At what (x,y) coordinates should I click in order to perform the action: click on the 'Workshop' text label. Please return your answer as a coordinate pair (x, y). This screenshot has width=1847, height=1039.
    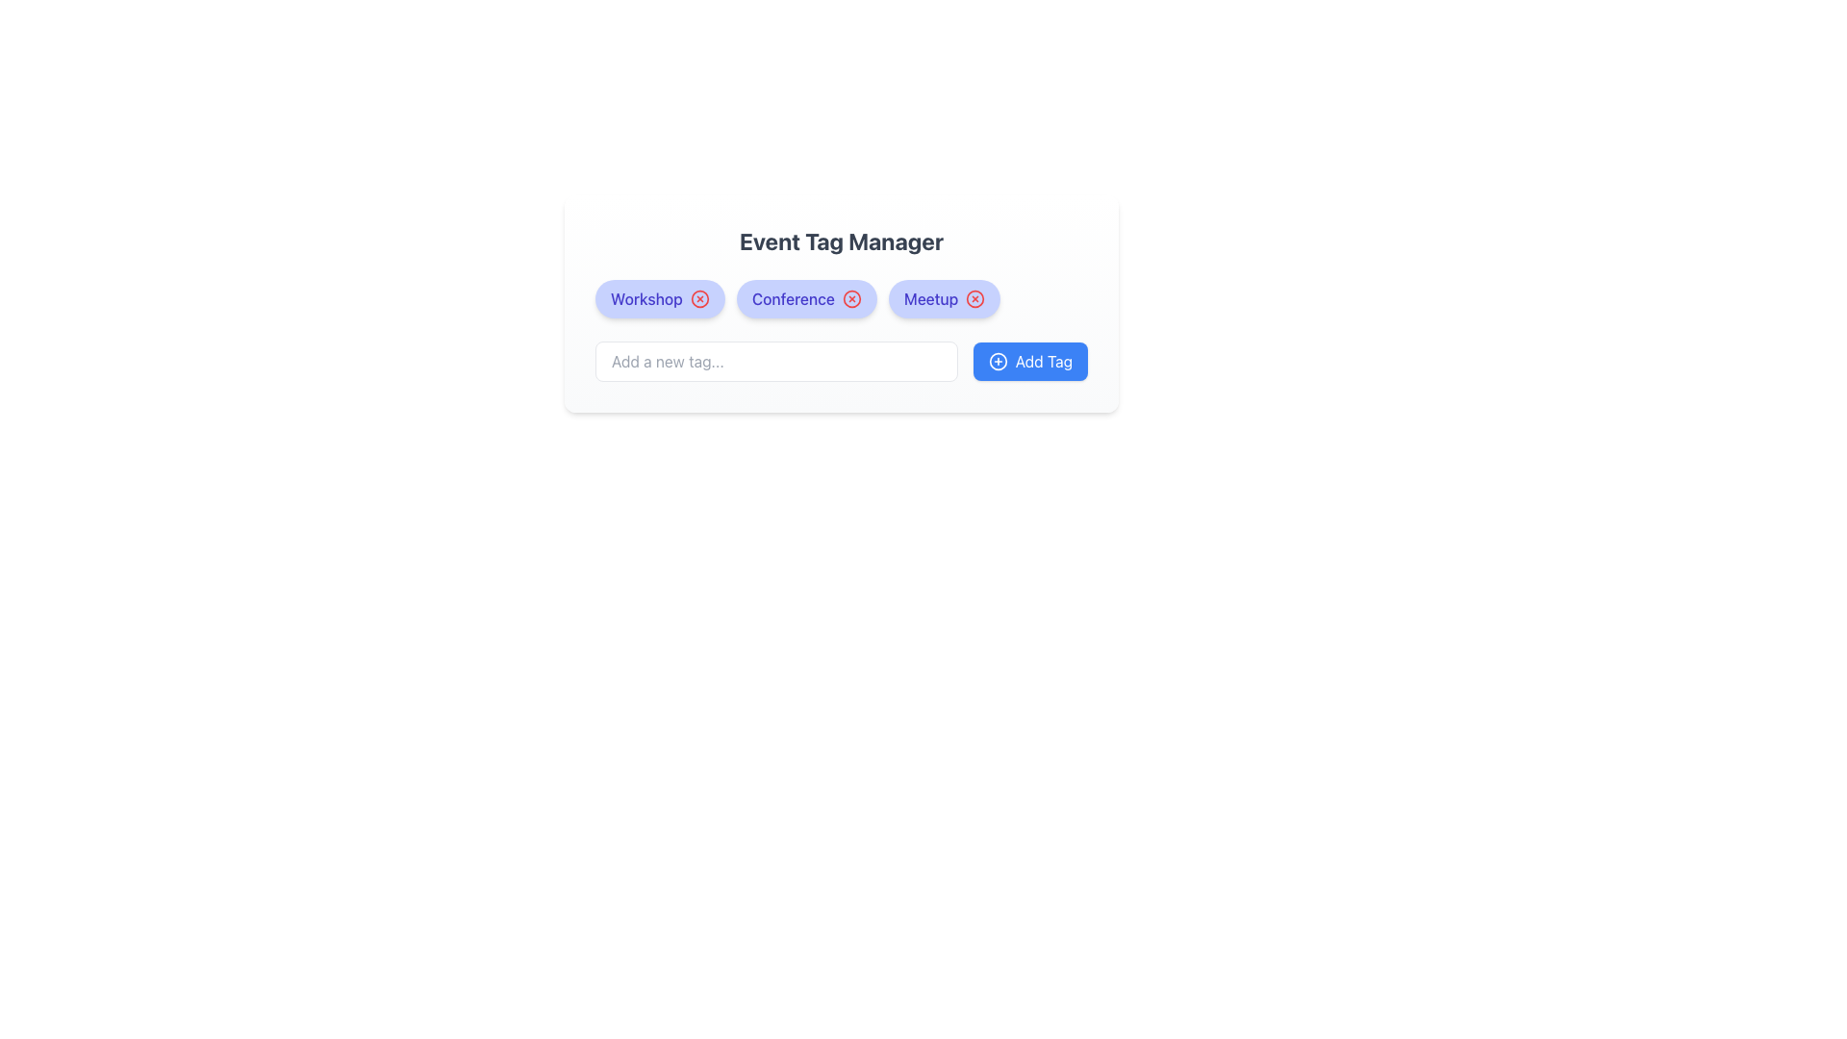
    Looking at the image, I should click on (646, 299).